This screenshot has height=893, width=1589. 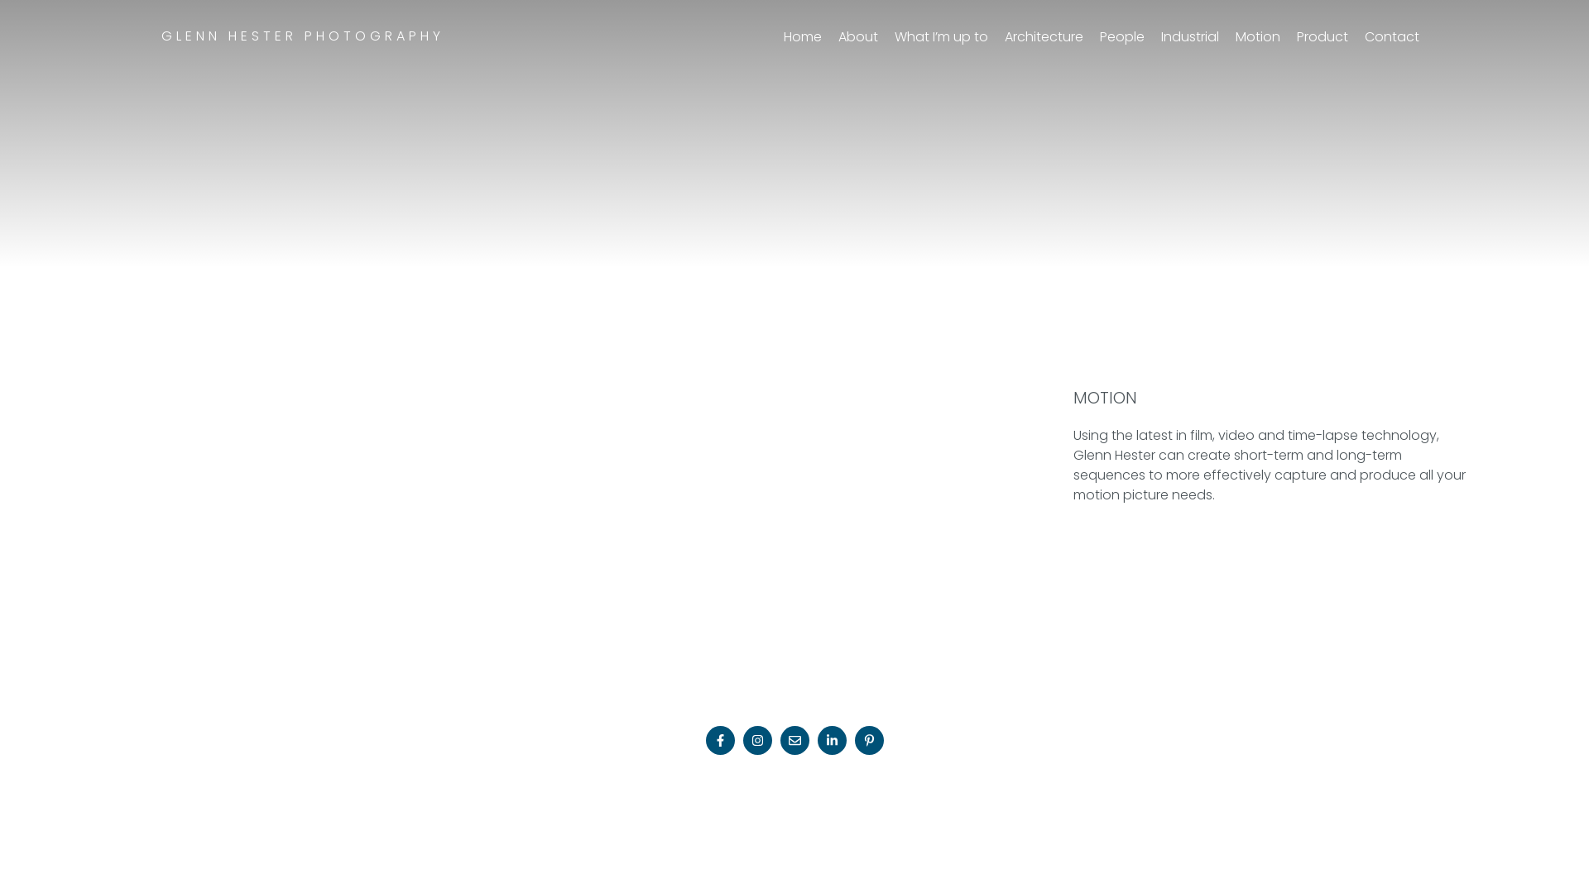 What do you see at coordinates (1043, 36) in the screenshot?
I see `'Architecture'` at bounding box center [1043, 36].